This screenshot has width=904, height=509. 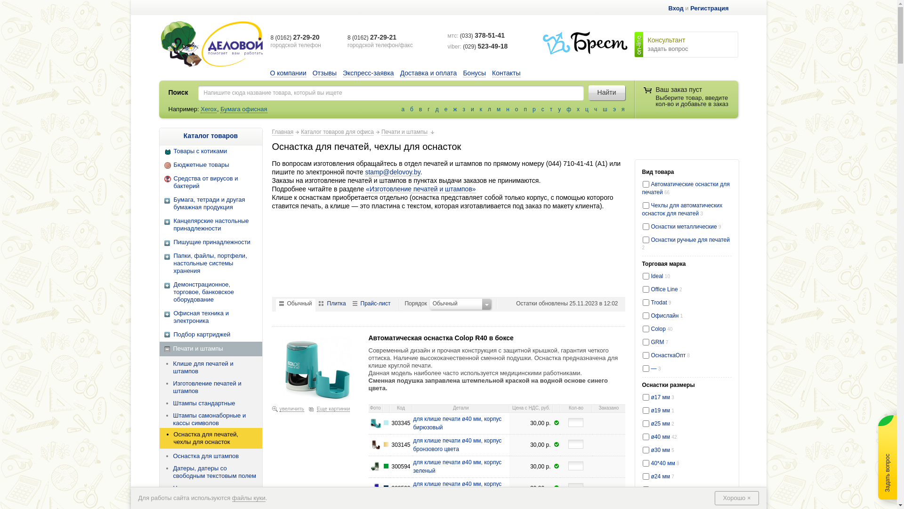 I want to click on 'stamp@delovoy.by', so click(x=392, y=172).